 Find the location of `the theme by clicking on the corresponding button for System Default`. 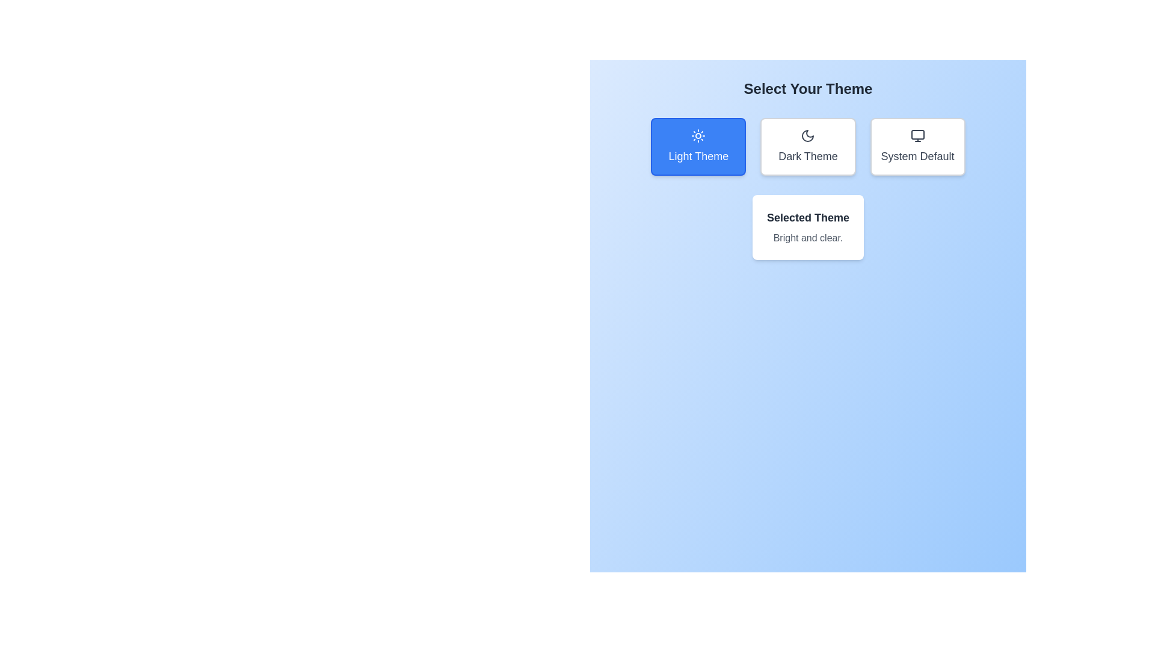

the theme by clicking on the corresponding button for System Default is located at coordinates (917, 146).